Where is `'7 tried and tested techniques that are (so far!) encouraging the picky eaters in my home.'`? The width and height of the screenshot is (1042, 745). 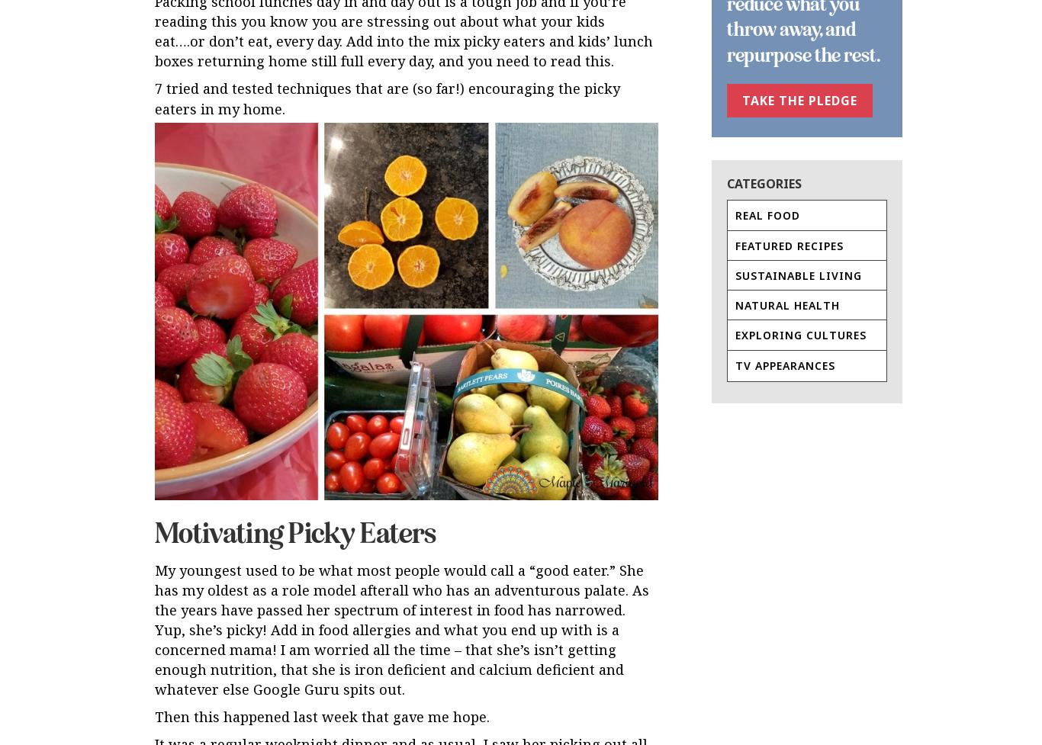 '7 tried and tested techniques that are (so far!) encouraging the picky eaters in my home.' is located at coordinates (153, 98).